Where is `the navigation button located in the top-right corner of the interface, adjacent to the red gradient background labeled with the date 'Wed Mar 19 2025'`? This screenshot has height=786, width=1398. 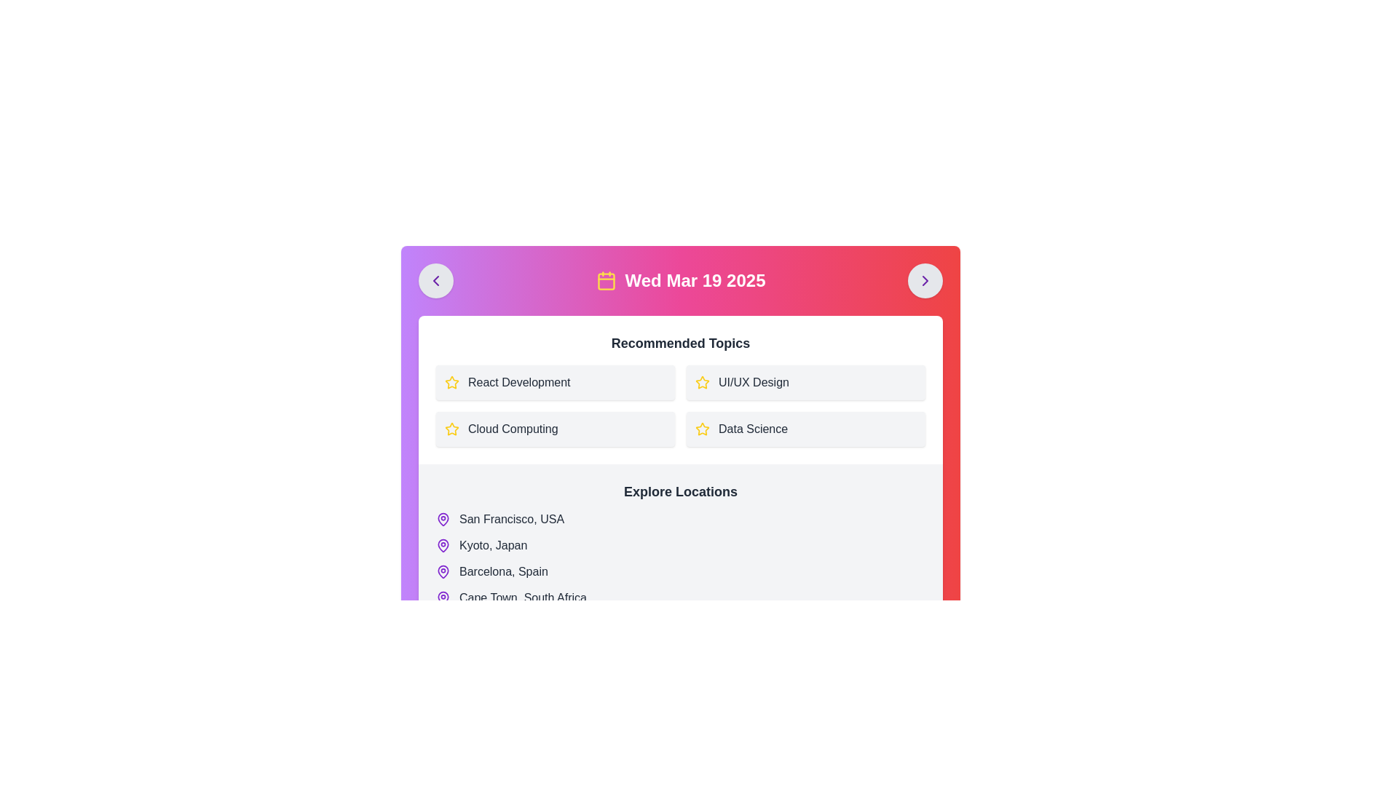
the navigation button located in the top-right corner of the interface, adjacent to the red gradient background labeled with the date 'Wed Mar 19 2025' is located at coordinates (925, 280).